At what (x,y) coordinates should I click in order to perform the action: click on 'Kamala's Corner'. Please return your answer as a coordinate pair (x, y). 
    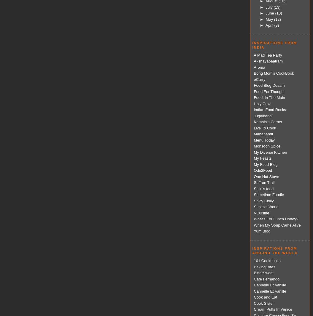
    Looking at the image, I should click on (267, 121).